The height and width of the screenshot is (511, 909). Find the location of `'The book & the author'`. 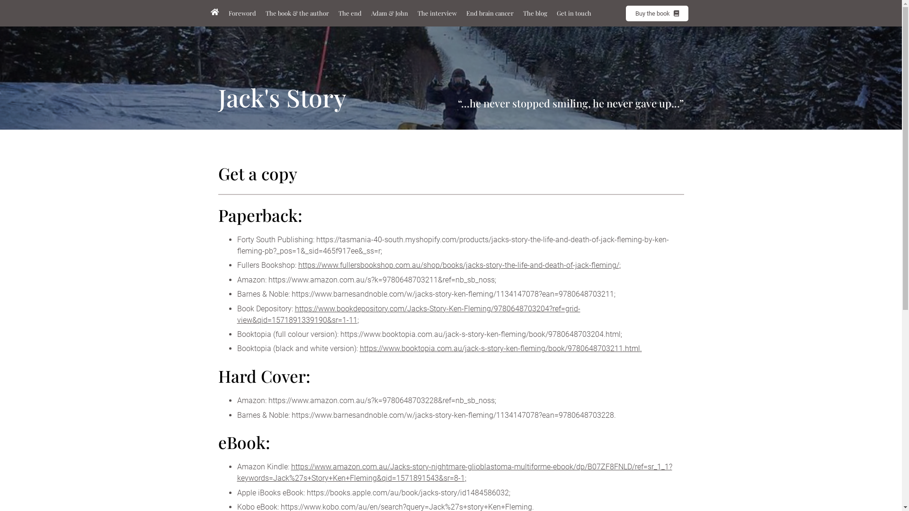

'The book & the author' is located at coordinates (296, 13).